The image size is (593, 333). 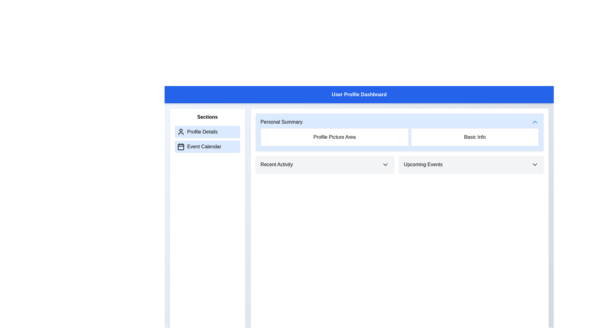 What do you see at coordinates (399, 164) in the screenshot?
I see `the Tab navigation component located under the 'Profile Picture Area'` at bounding box center [399, 164].